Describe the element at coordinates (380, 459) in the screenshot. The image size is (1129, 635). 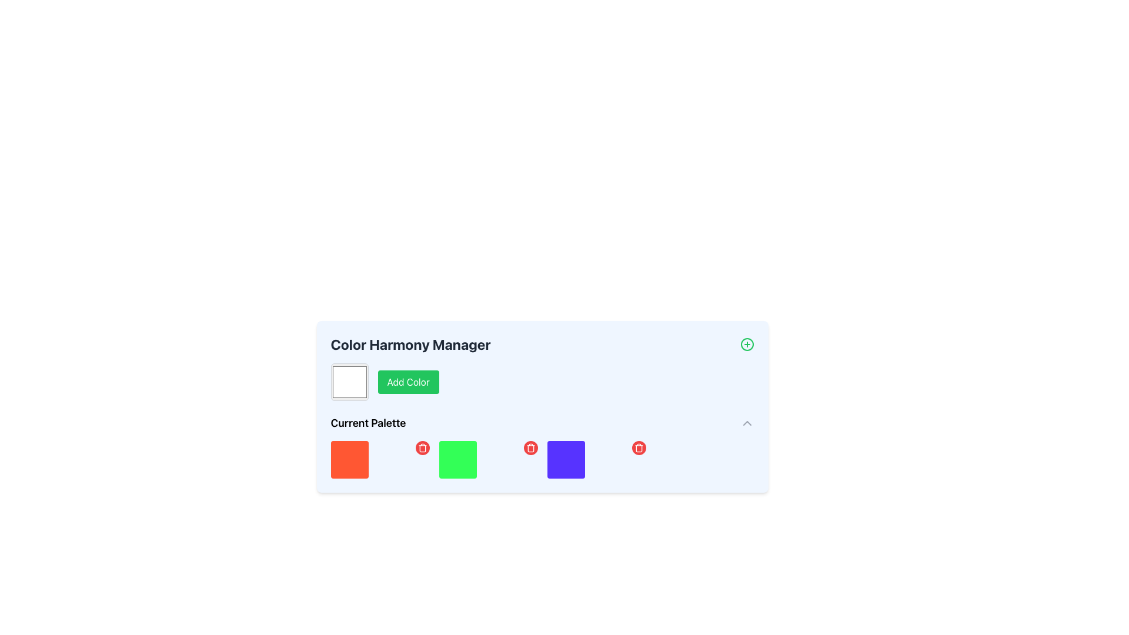
I see `the first element in the 'Current Palette' grid that displays a color and has an interactive button for removal` at that location.